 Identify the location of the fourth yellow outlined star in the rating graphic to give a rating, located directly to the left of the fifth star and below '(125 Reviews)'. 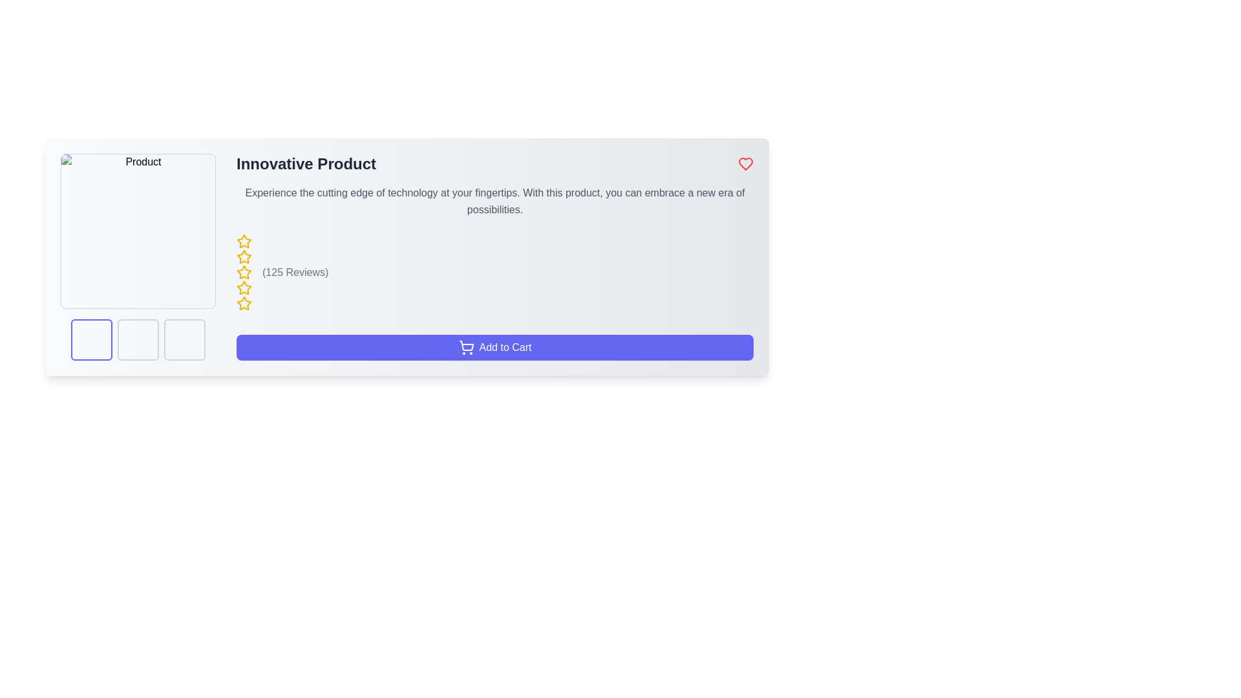
(244, 303).